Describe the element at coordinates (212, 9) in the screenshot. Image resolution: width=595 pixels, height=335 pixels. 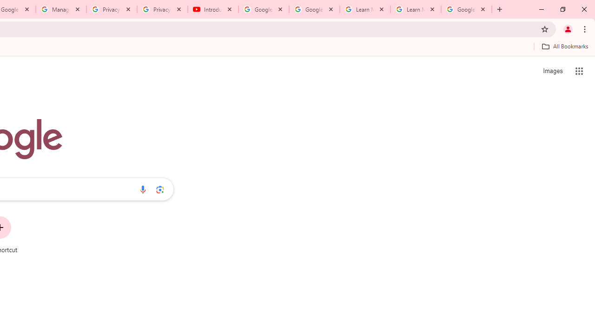
I see `'Introduction | Google Privacy Policy - YouTube'` at that location.